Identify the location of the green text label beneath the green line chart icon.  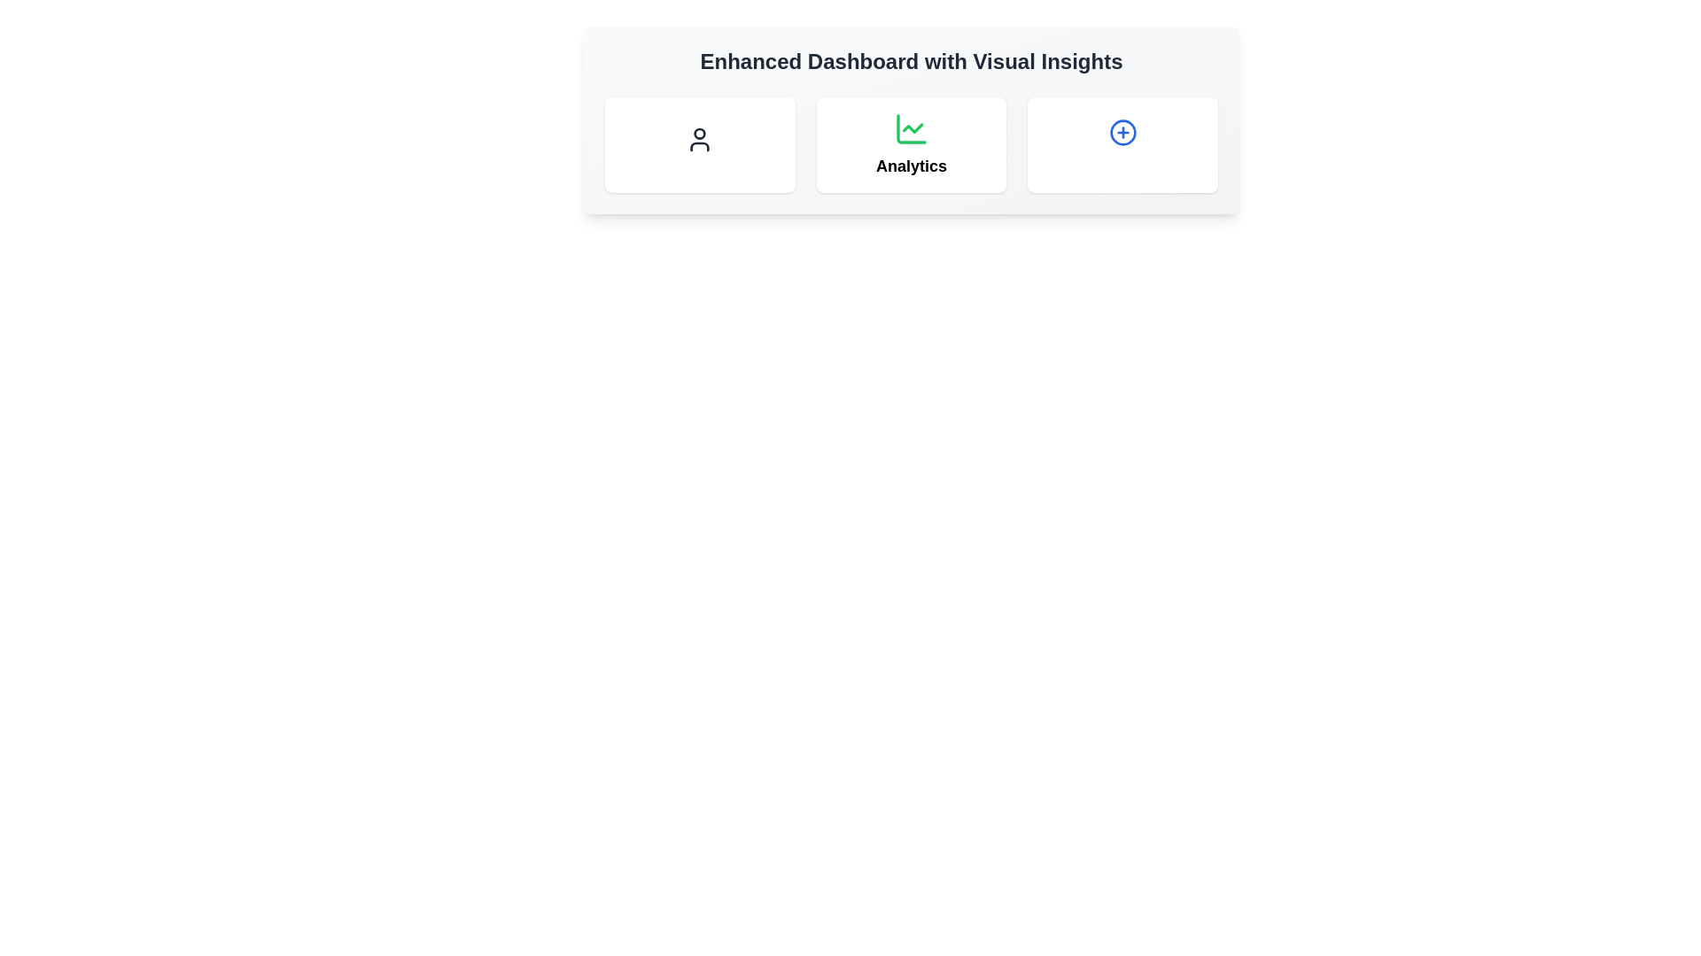
(911, 166).